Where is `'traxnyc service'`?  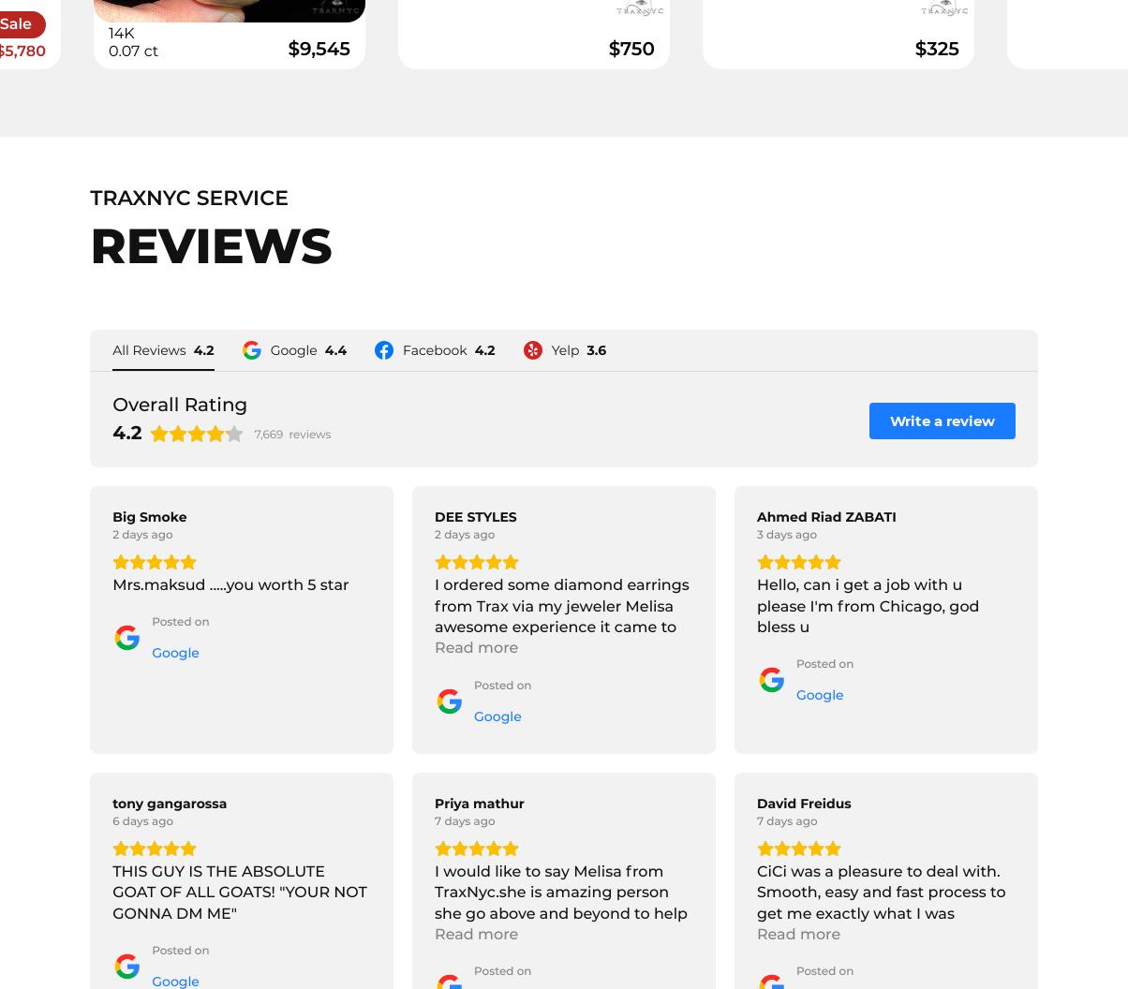 'traxnyc service' is located at coordinates (188, 197).